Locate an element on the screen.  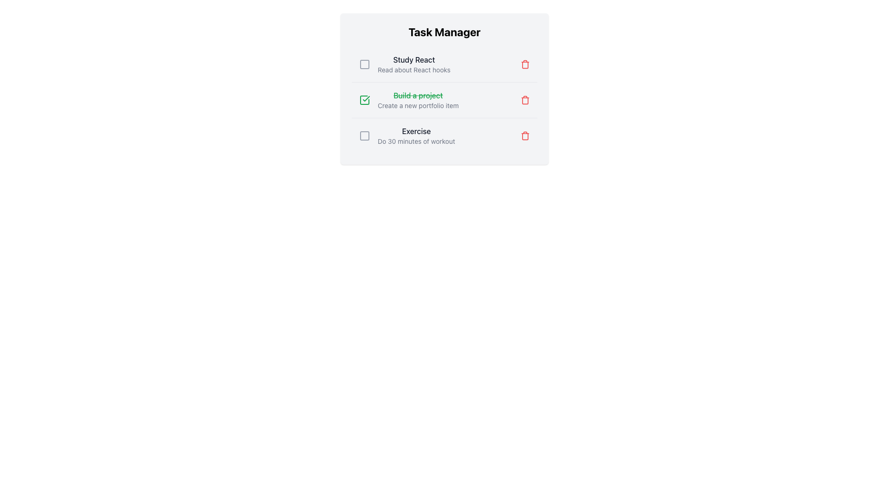
the text label displaying 'Do 30 minutes of workout' which is located below the title 'Exercise' in the task manager interface is located at coordinates (416, 141).